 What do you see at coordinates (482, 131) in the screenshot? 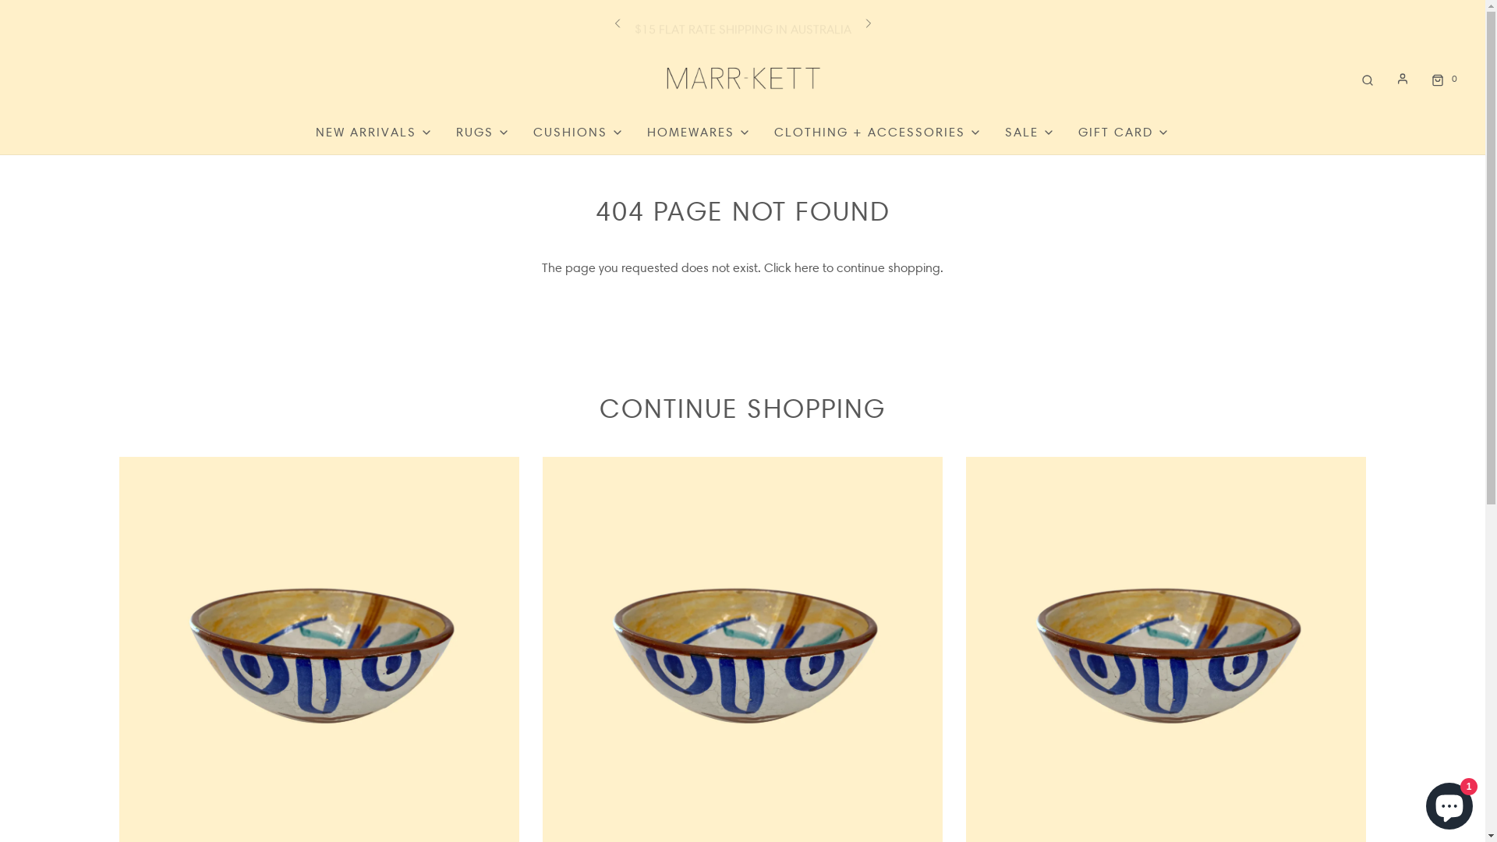
I see `'RUGS'` at bounding box center [482, 131].